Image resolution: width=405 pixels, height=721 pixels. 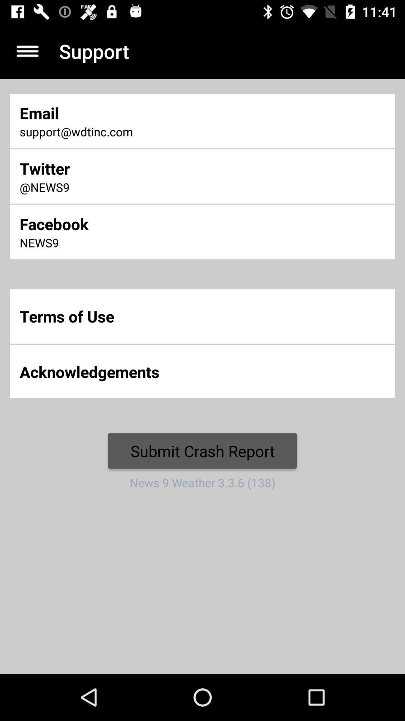 I want to click on email, so click(x=134, y=112).